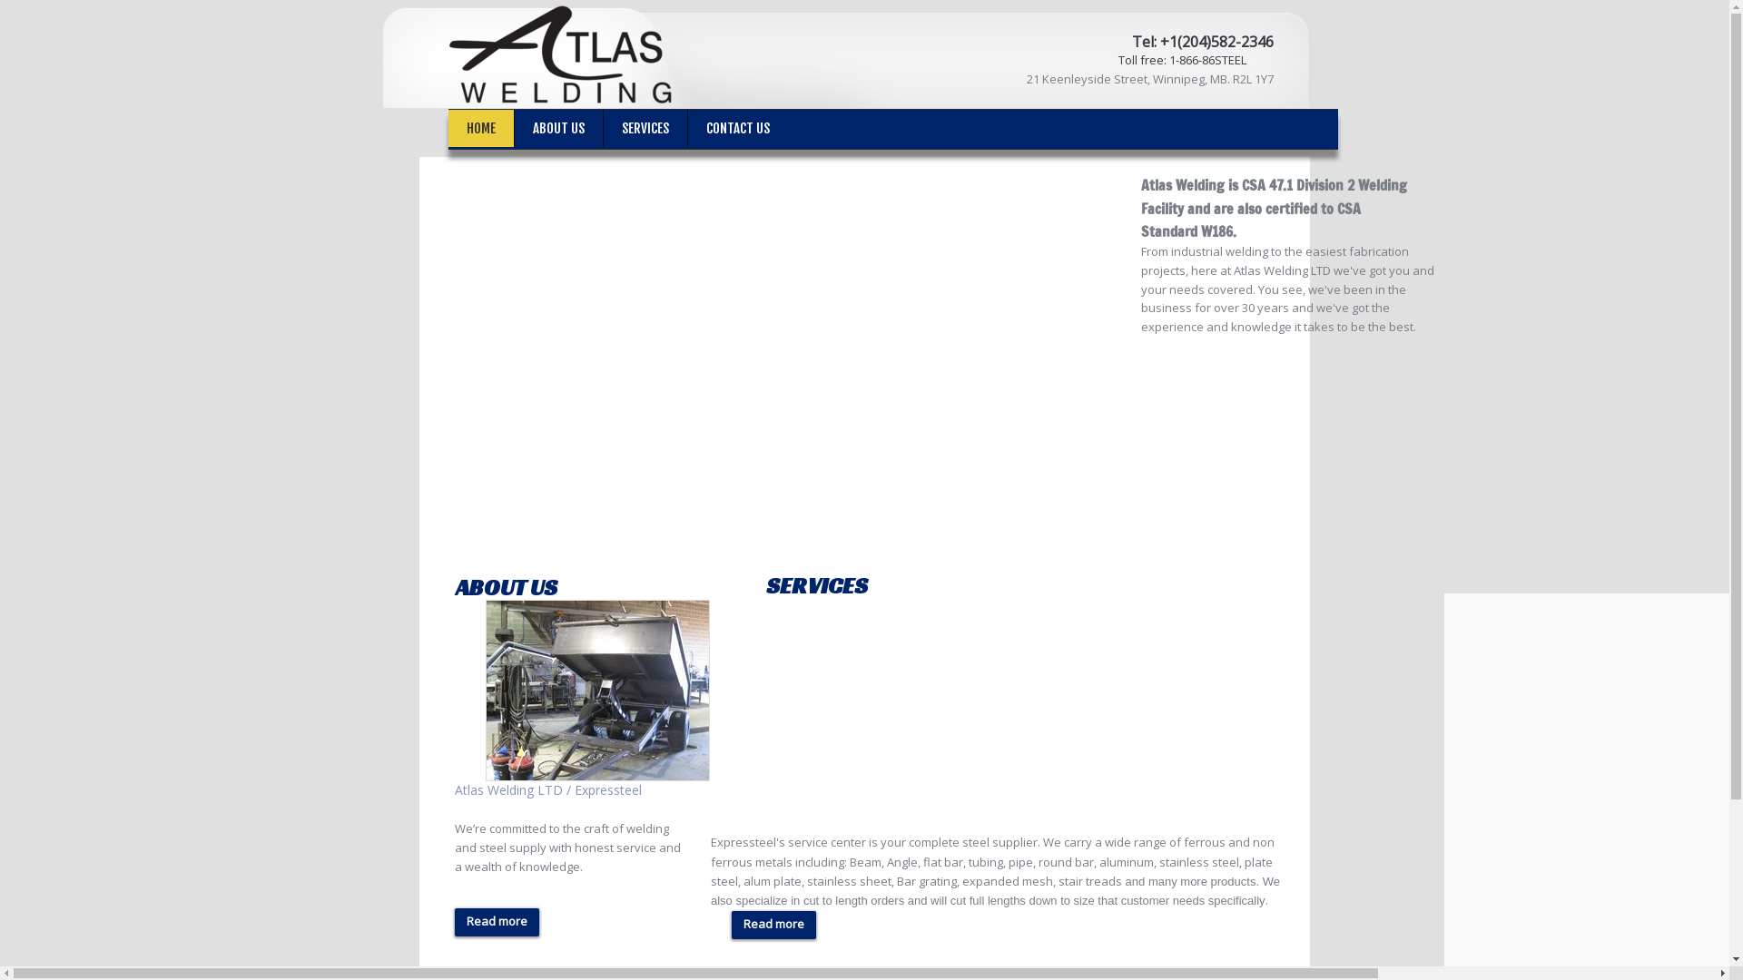 The image size is (1743, 980). Describe the element at coordinates (557, 127) in the screenshot. I see `'ABOUT US'` at that location.